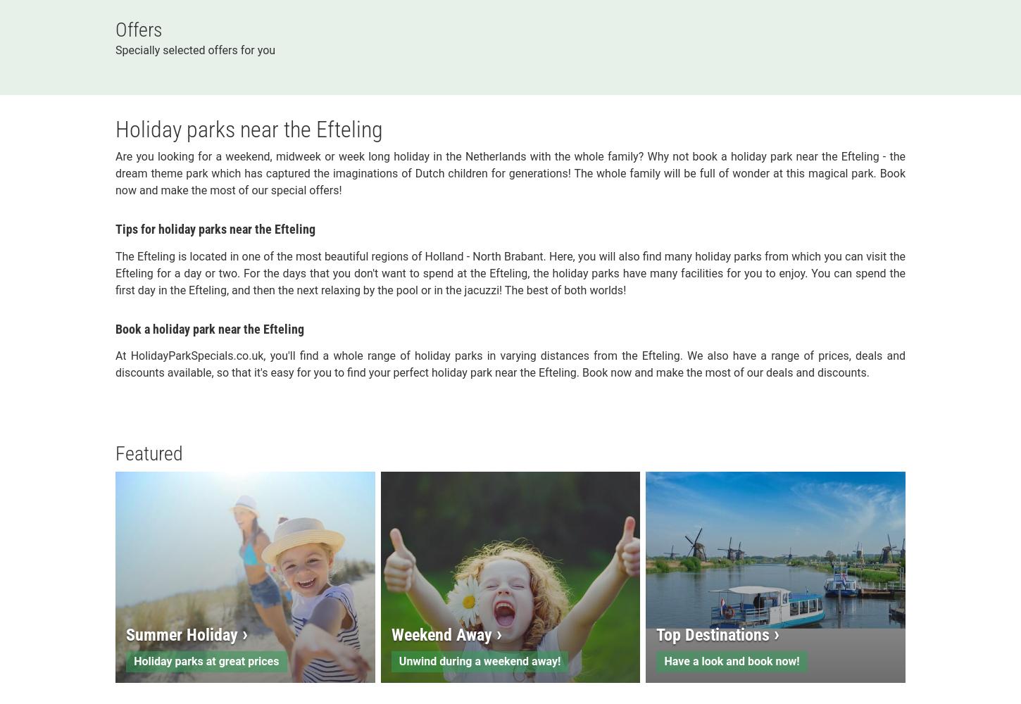 Image resolution: width=1021 pixels, height=704 pixels. What do you see at coordinates (195, 49) in the screenshot?
I see `'Specially selected offers for you'` at bounding box center [195, 49].